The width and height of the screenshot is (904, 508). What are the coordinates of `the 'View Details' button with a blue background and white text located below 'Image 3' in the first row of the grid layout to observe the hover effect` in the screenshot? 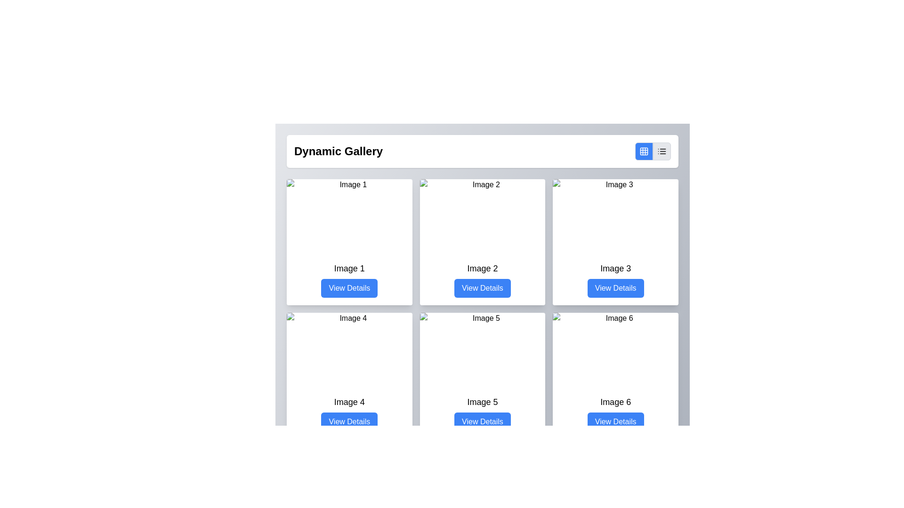 It's located at (615, 288).